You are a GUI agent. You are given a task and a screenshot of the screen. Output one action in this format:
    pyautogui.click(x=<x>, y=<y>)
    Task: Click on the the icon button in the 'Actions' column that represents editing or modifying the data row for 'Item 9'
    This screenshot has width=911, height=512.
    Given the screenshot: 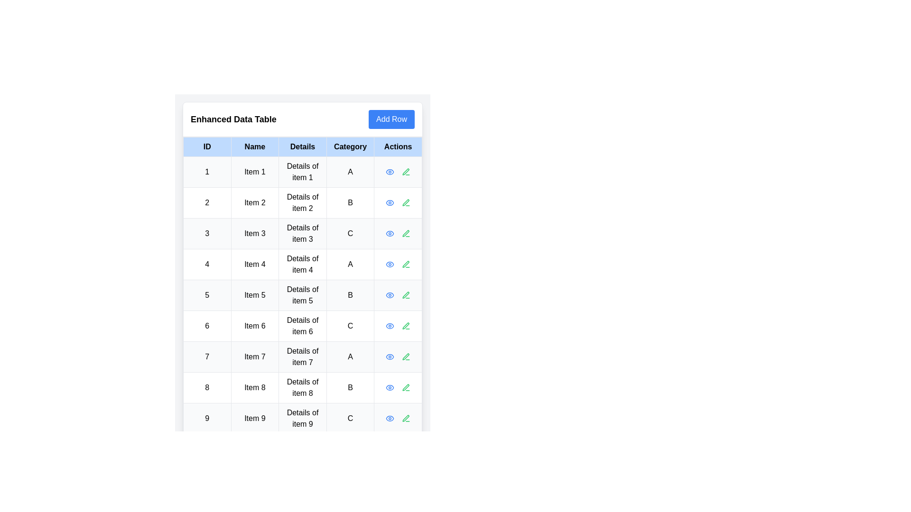 What is the action you would take?
    pyautogui.click(x=406, y=418)
    